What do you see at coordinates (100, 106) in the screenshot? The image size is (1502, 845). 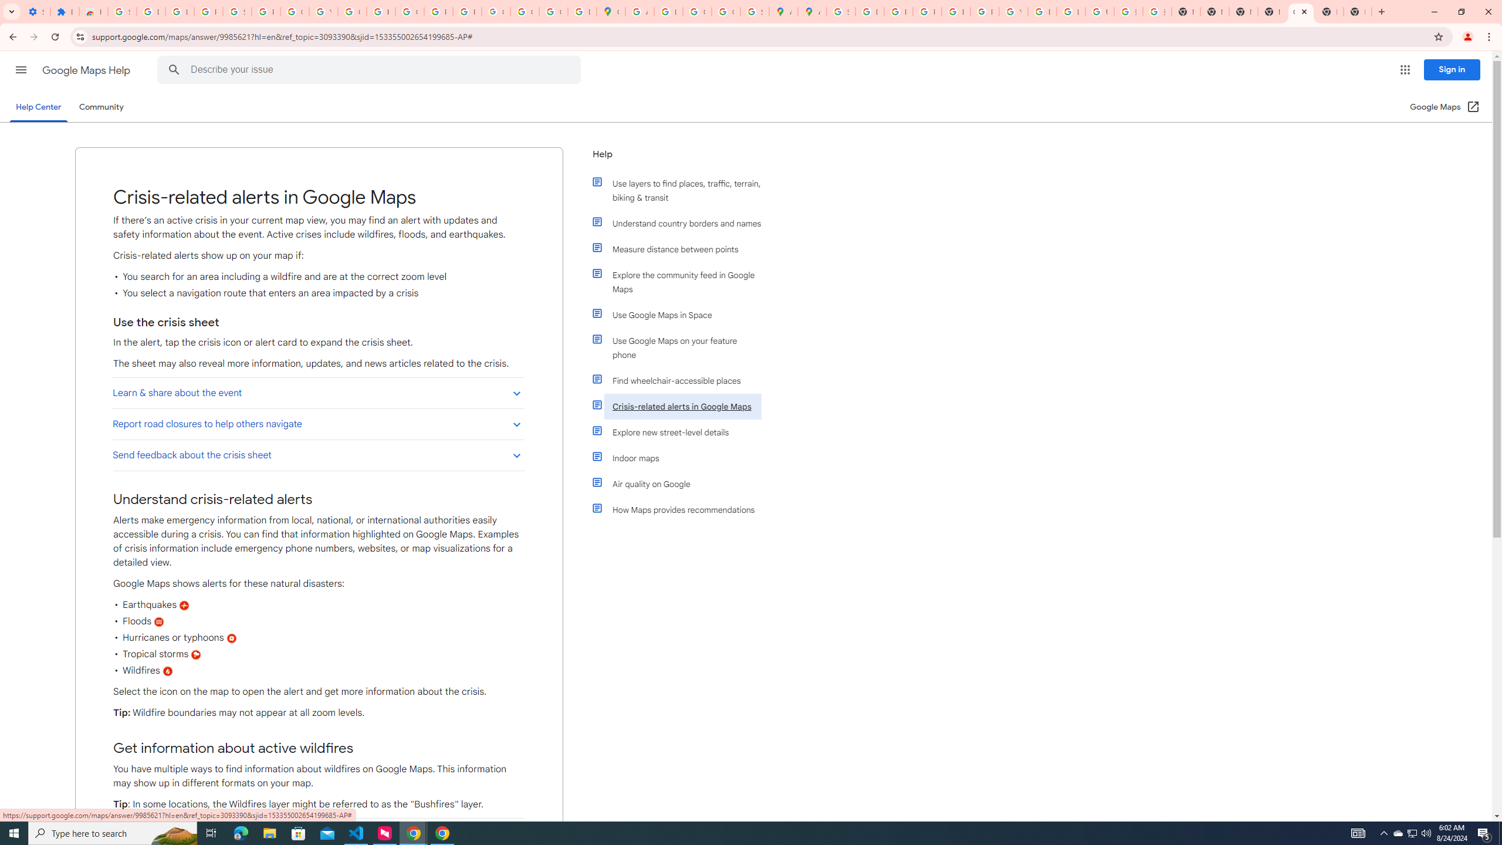 I see `'Community'` at bounding box center [100, 106].